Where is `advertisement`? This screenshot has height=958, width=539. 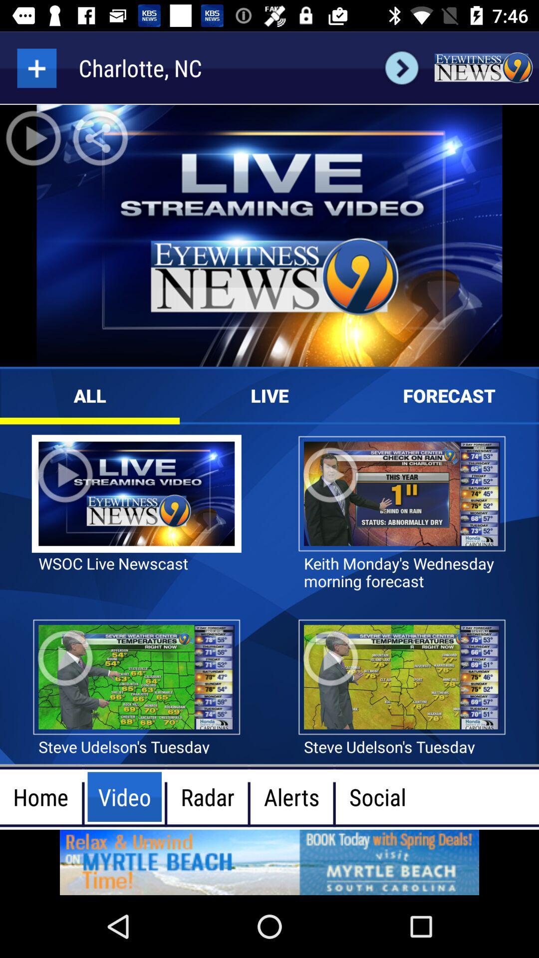
advertisement is located at coordinates (269, 862).